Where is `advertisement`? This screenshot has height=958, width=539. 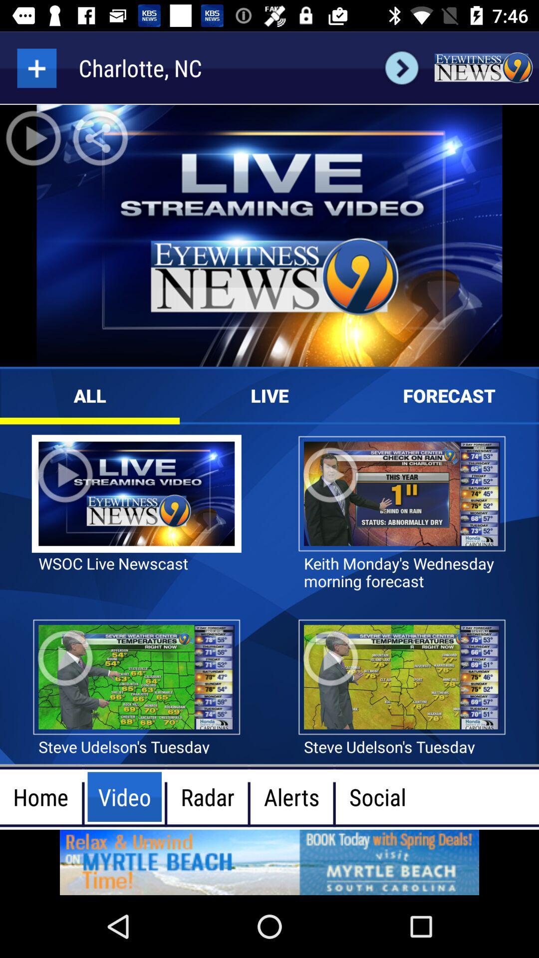
advertisement is located at coordinates (269, 862).